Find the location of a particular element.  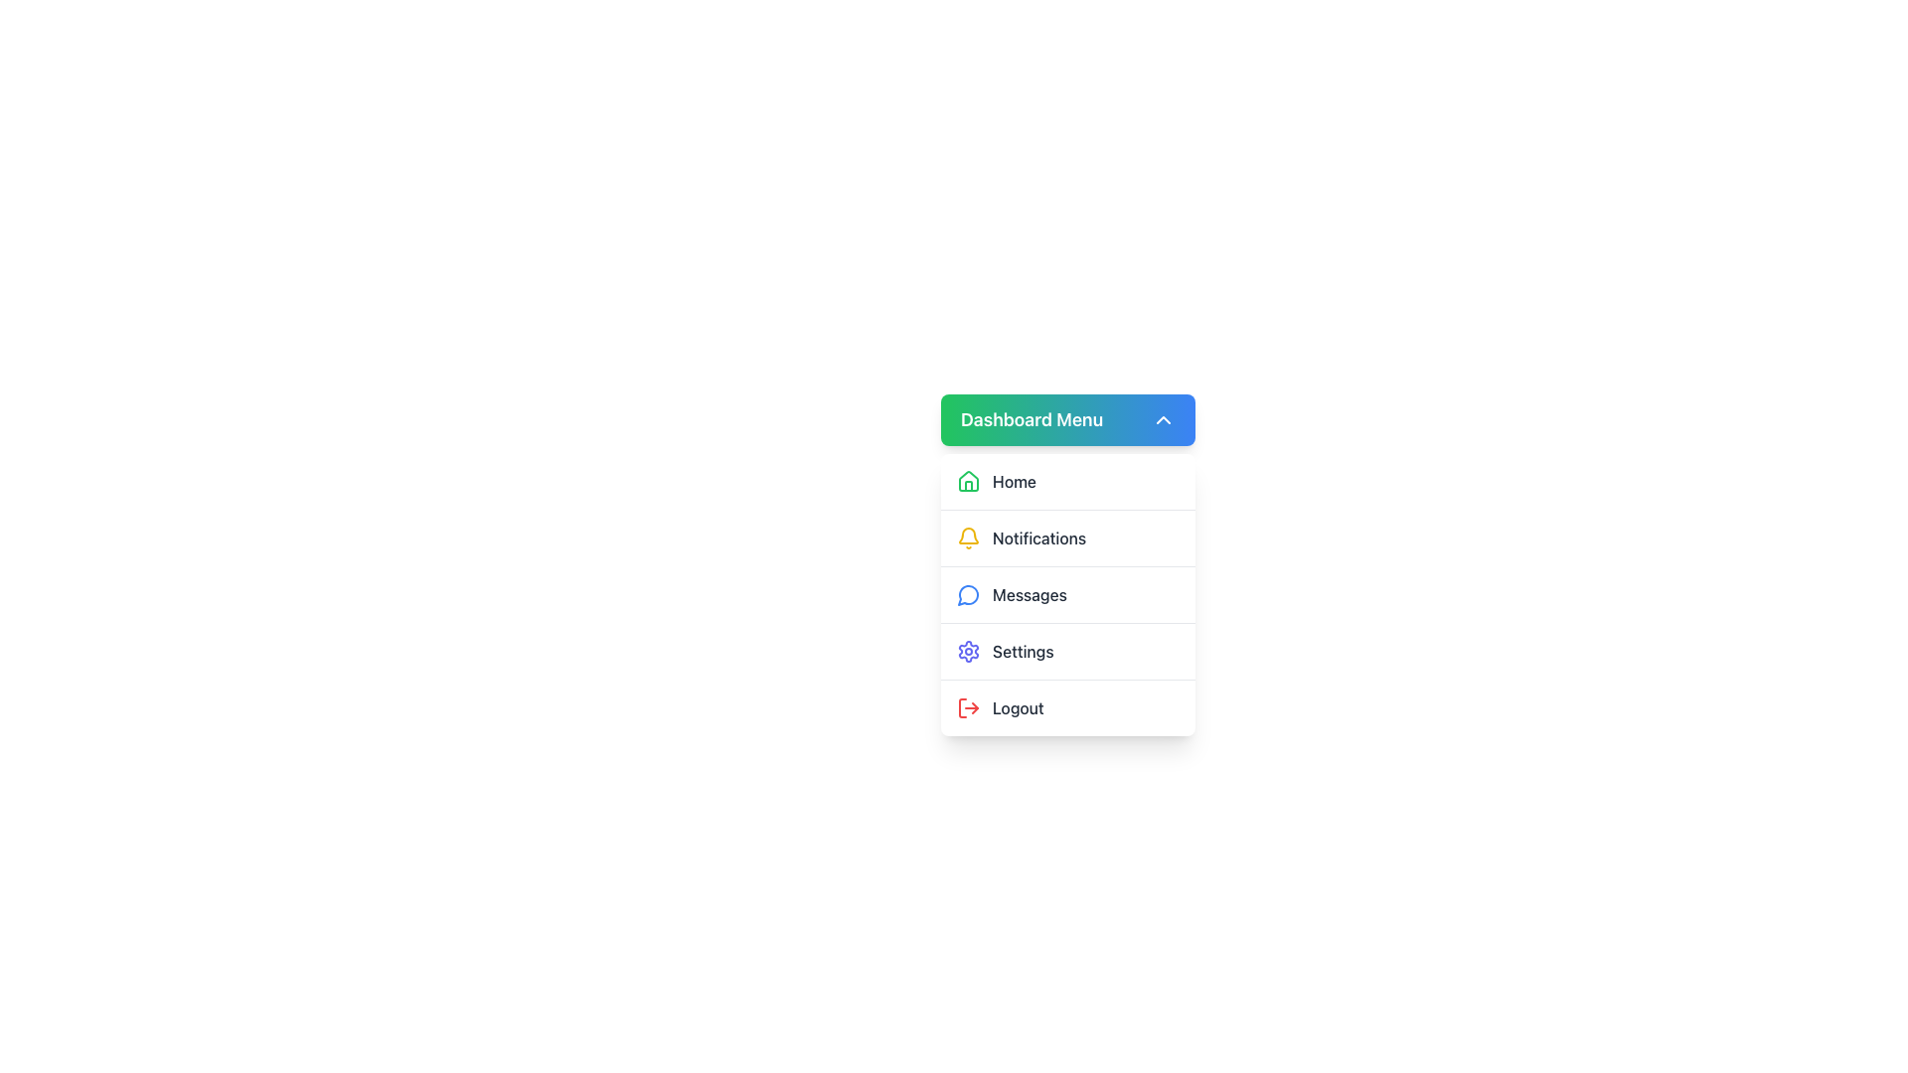

the second item in the navigation dropdown menu that opens the notifications page or section is located at coordinates (1067, 536).